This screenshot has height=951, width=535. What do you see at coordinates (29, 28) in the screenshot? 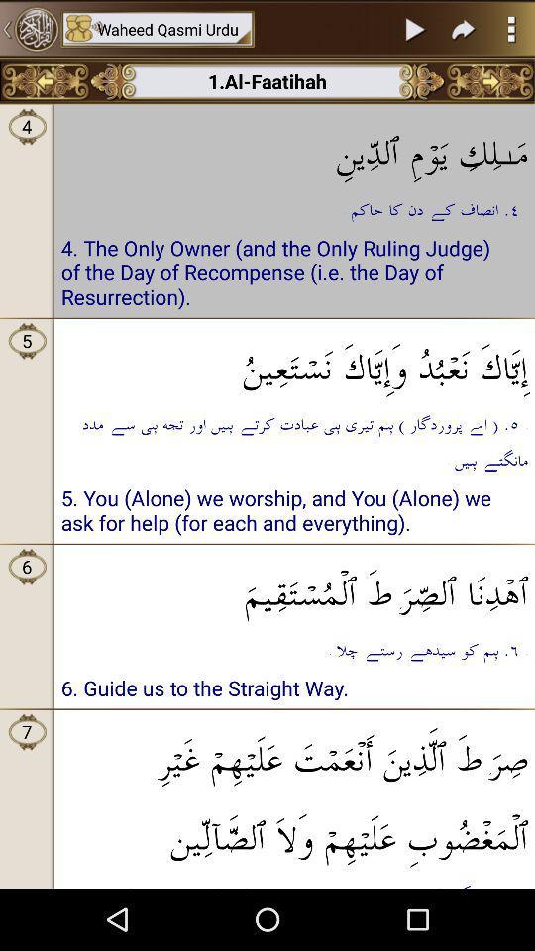
I see `go back` at bounding box center [29, 28].